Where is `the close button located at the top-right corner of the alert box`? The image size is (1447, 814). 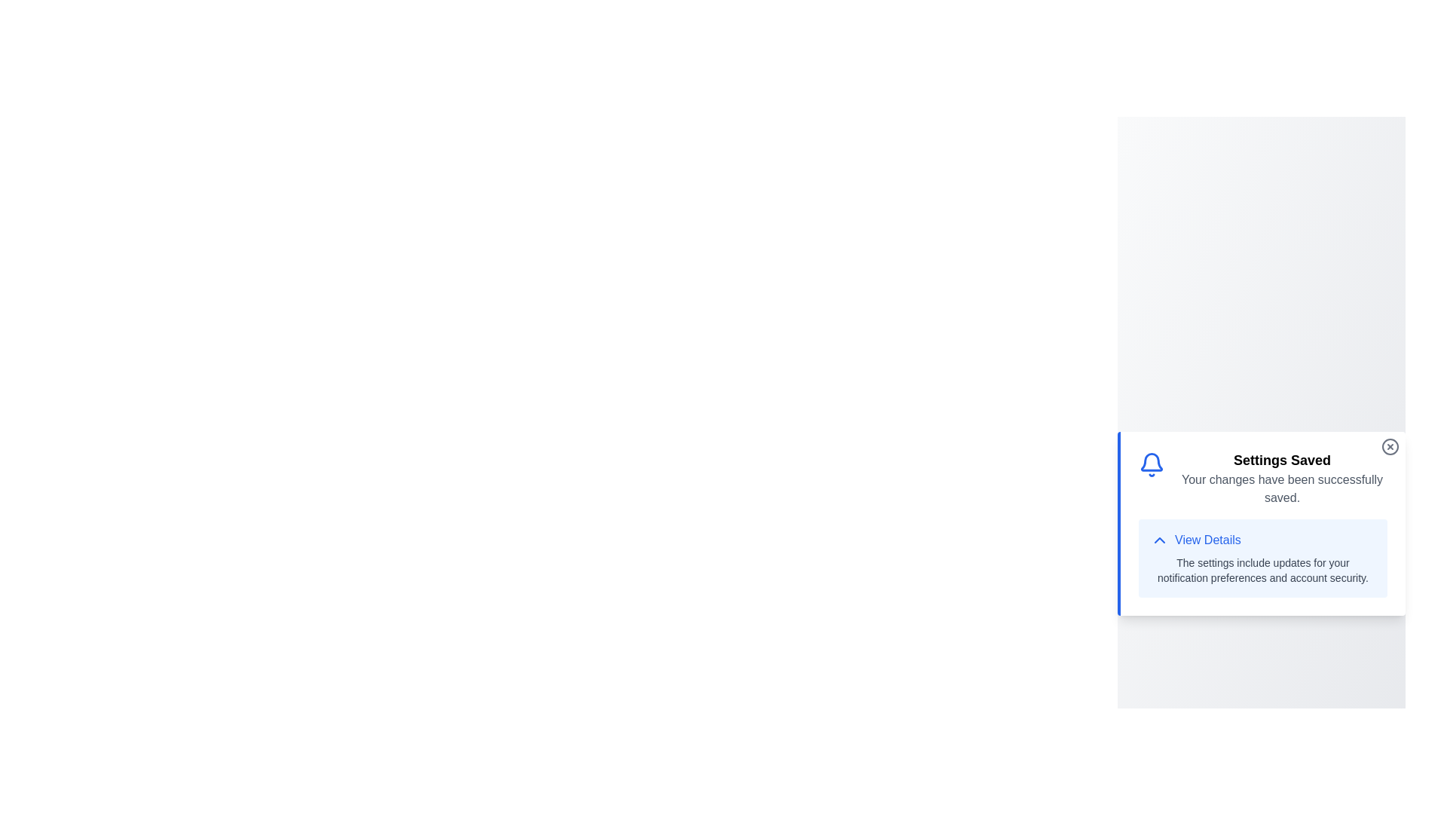
the close button located at the top-right corner of the alert box is located at coordinates (1389, 446).